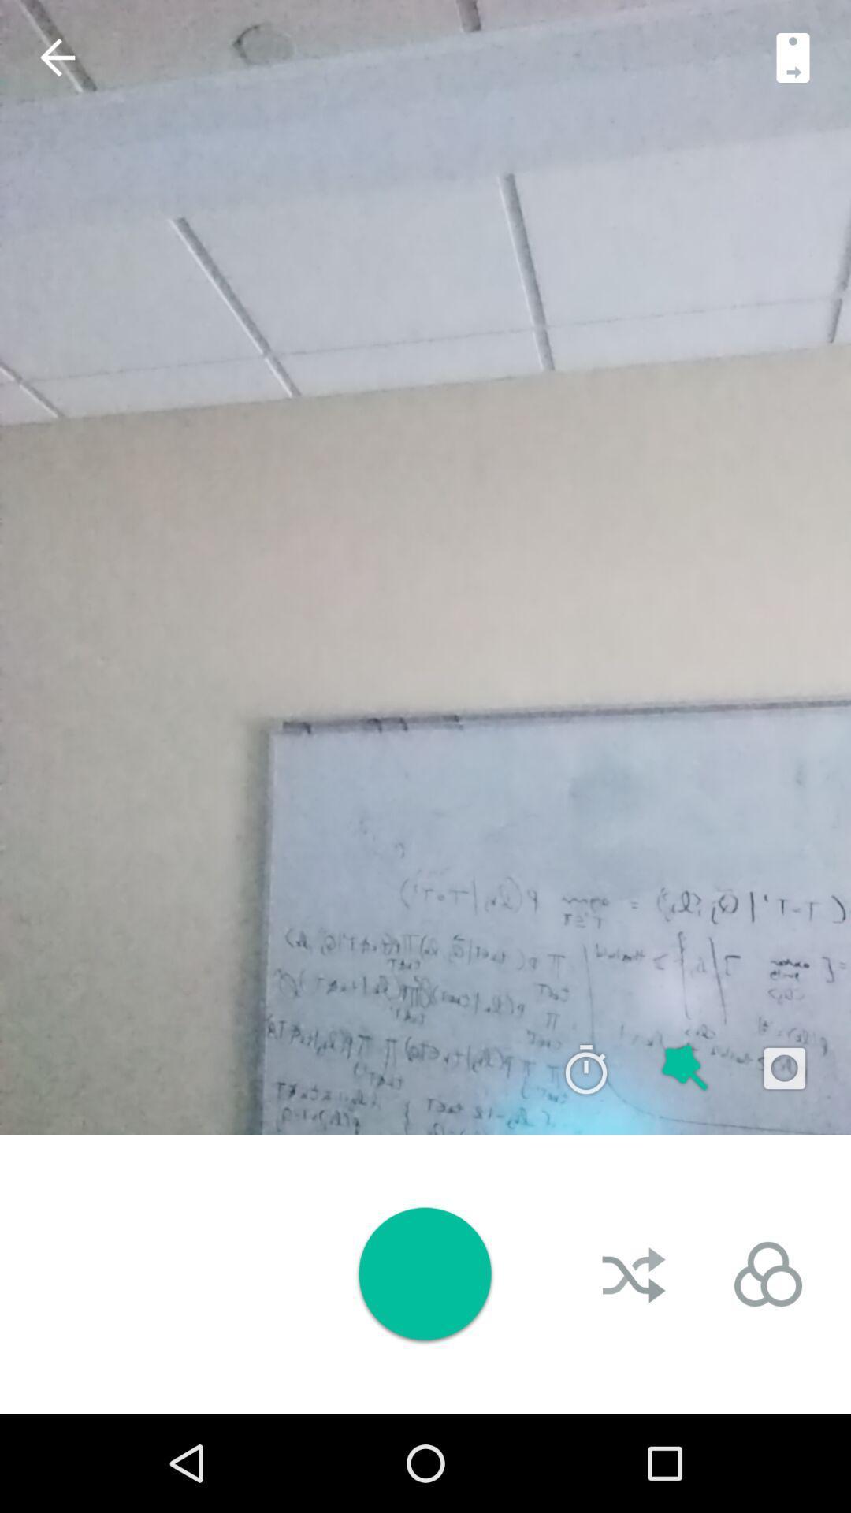 The image size is (851, 1513). Describe the element at coordinates (685, 1069) in the screenshot. I see `zoom` at that location.